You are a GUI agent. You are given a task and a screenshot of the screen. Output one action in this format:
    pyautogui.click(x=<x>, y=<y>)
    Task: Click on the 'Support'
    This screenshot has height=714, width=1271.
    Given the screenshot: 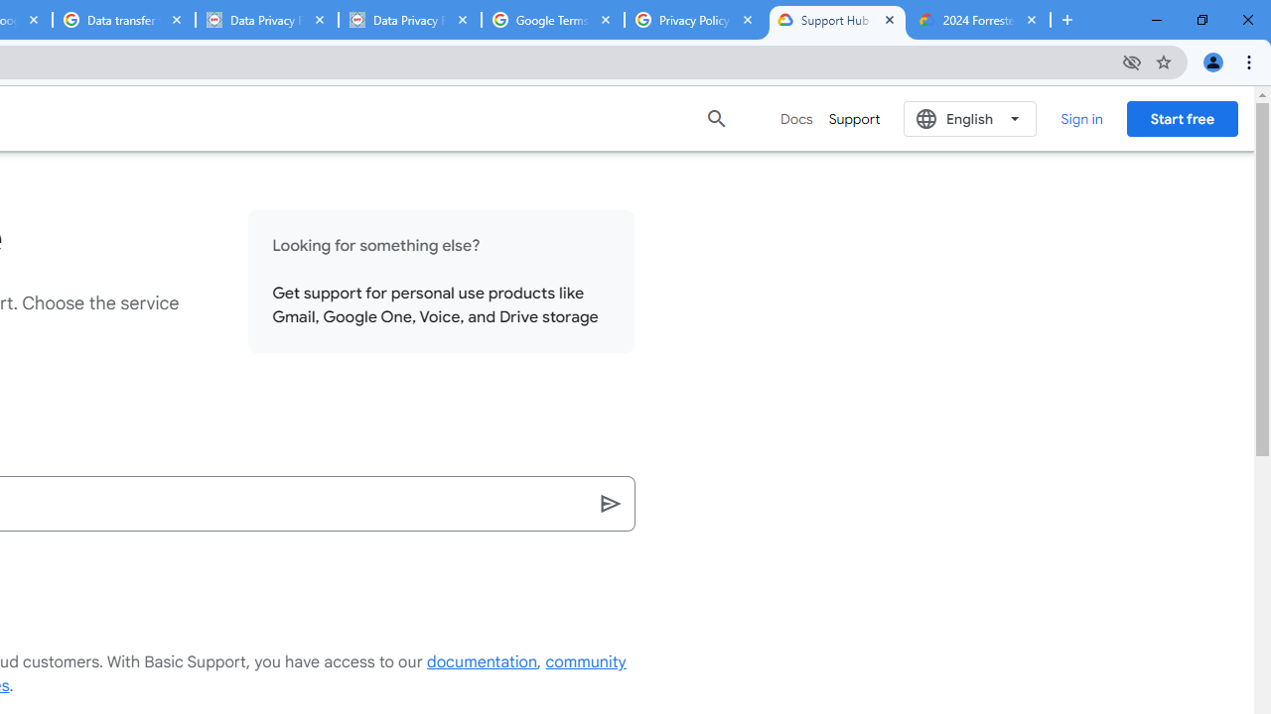 What is the action you would take?
    pyautogui.click(x=854, y=118)
    